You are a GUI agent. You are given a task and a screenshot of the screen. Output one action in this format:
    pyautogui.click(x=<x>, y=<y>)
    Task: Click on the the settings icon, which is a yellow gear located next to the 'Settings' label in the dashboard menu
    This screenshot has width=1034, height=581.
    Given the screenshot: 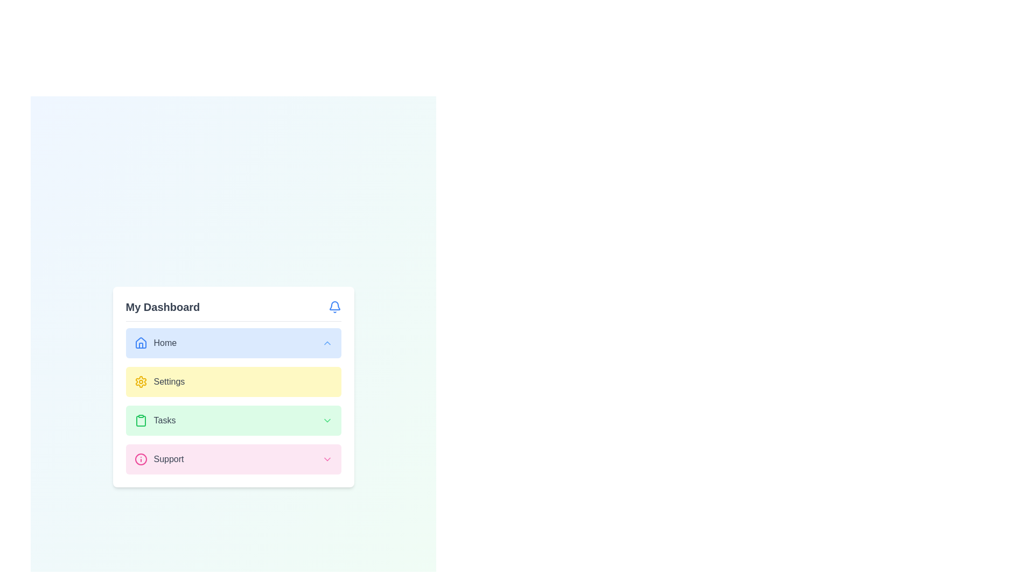 What is the action you would take?
    pyautogui.click(x=140, y=381)
    